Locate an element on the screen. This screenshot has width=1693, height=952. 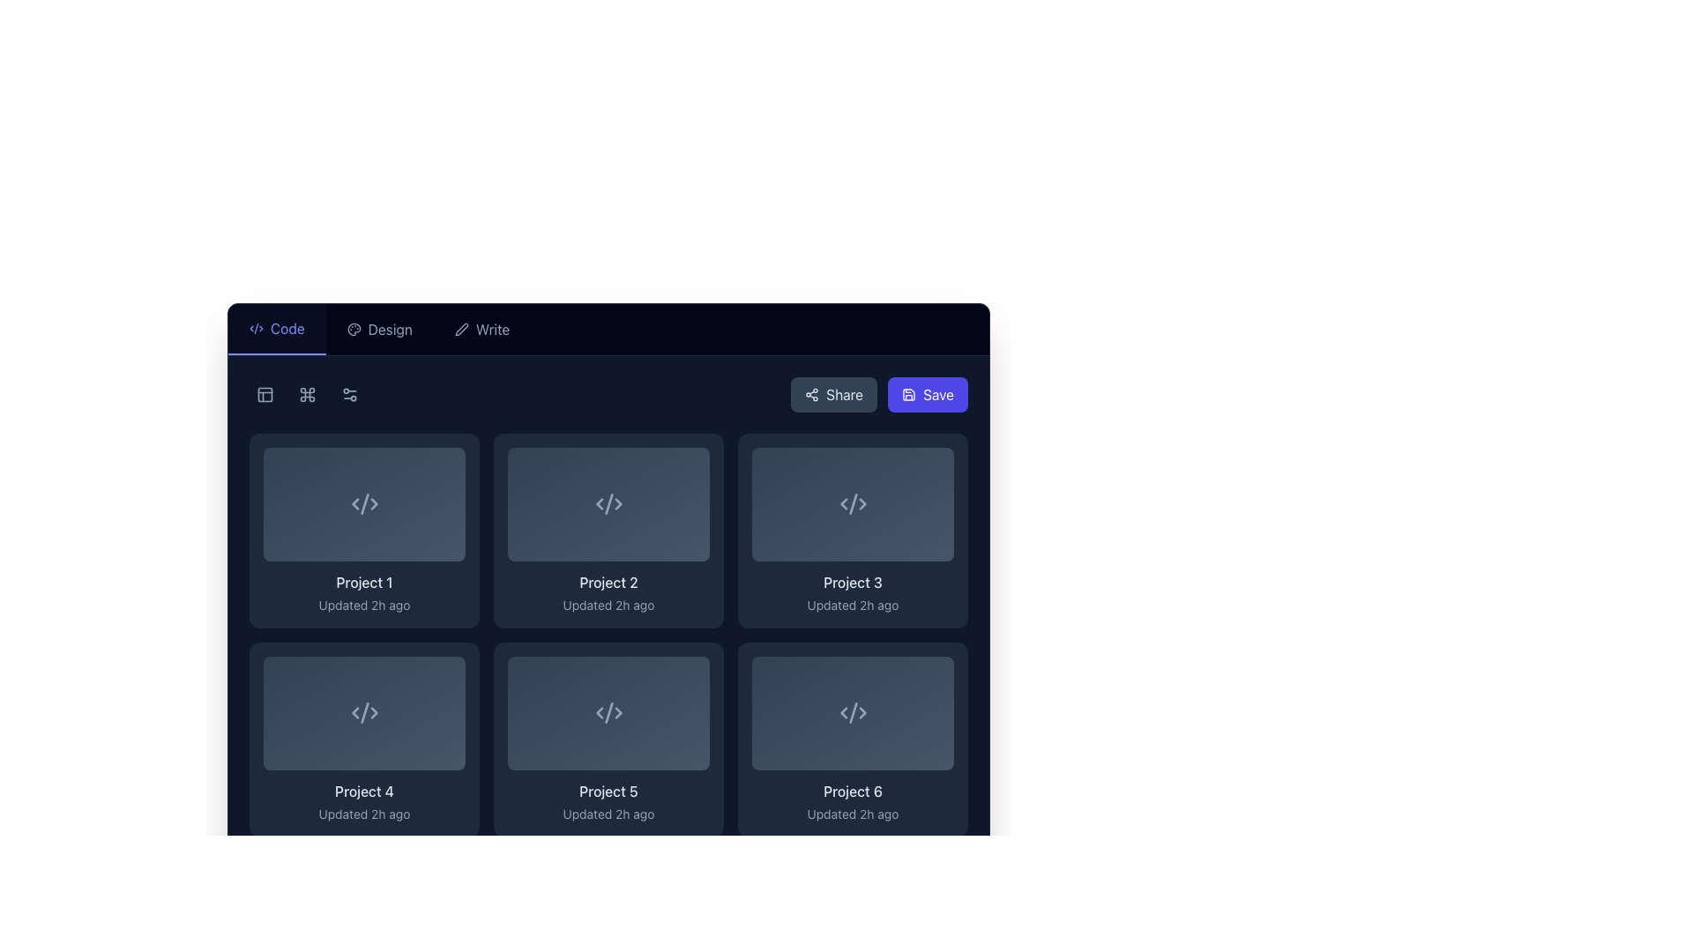
the SVG icon located at the top-right corner of the 'Project 2' card in the second row of the grid layout, which serves as an action button for layers or organization is located at coordinates (706, 450).